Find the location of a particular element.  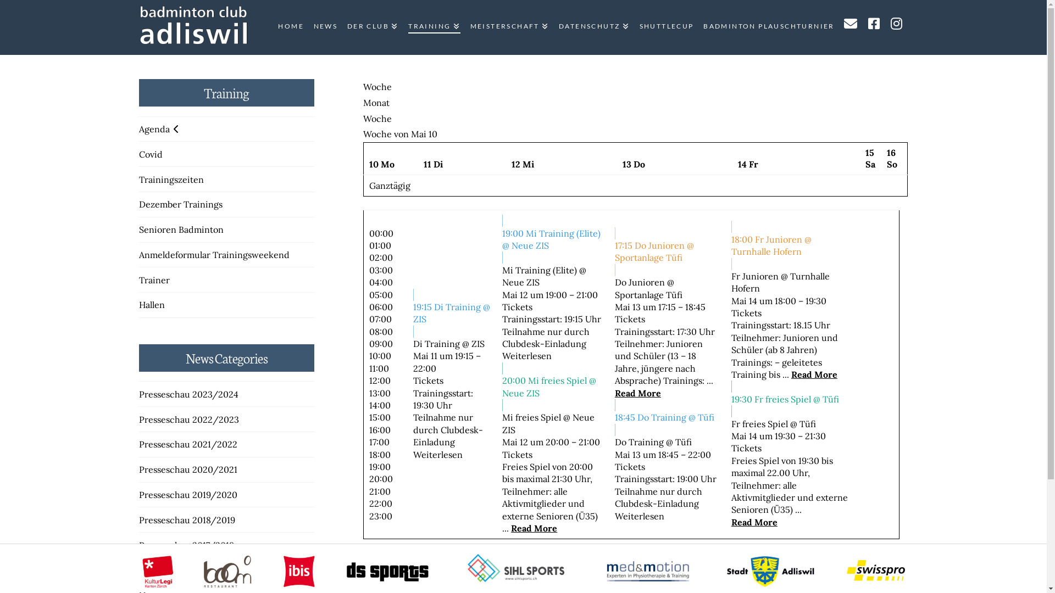

'Agenda' is located at coordinates (138, 128).